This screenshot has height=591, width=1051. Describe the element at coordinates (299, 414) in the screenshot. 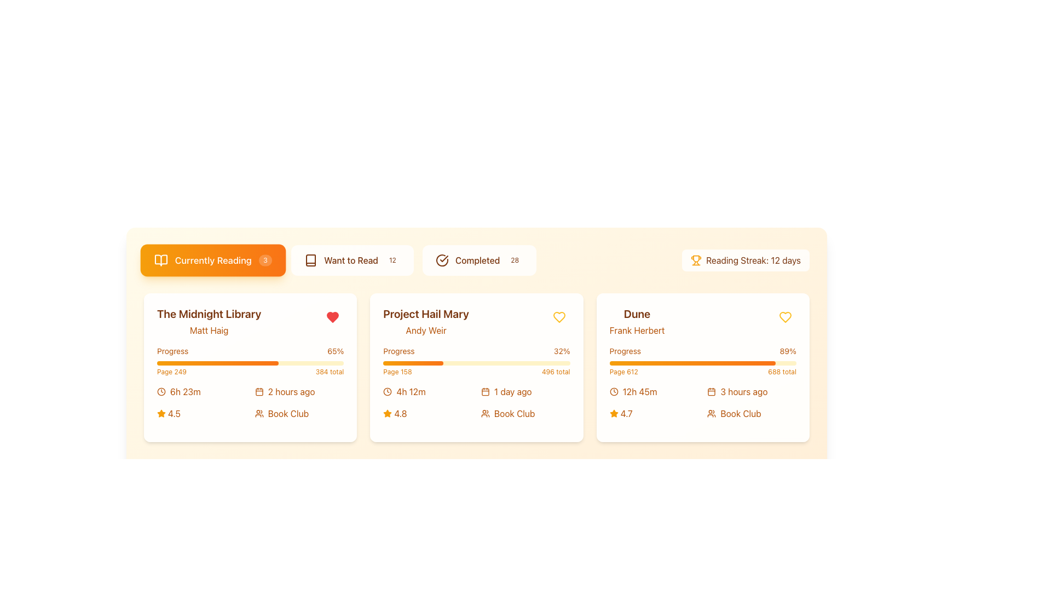

I see `the 'Book Club' label with the user icon located at the bottom of the 'The Midnight Library' card in the 'Currently Reading' section` at that location.